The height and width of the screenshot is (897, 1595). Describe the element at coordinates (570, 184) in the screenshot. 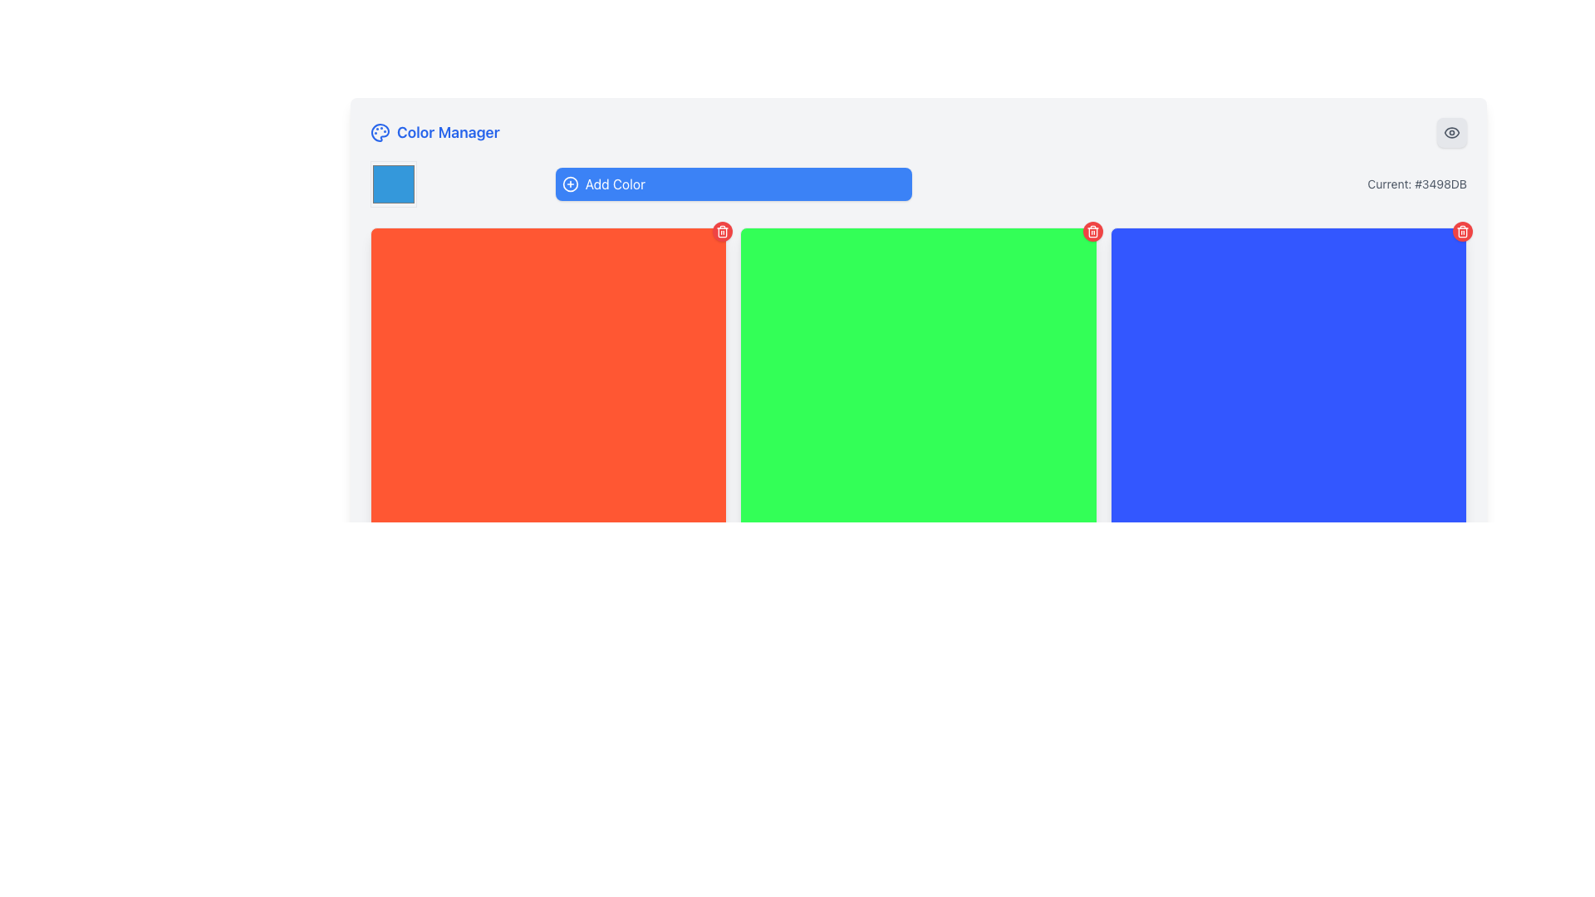

I see `the innermost circular element of the icon, which is part of the interactive button for adding new colors to a palette, located beside the 'Add Color' label` at that location.